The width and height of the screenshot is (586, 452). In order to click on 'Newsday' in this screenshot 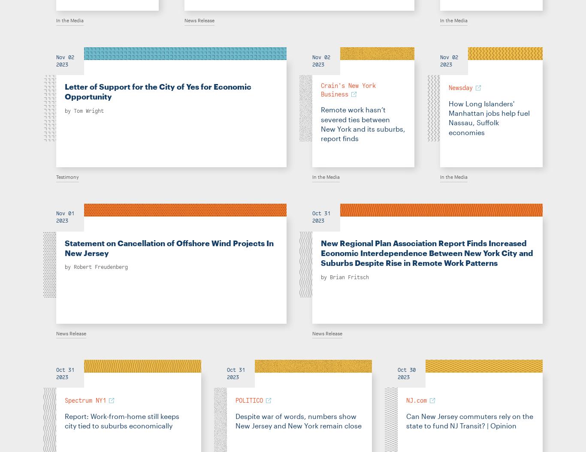, I will do `click(460, 87)`.